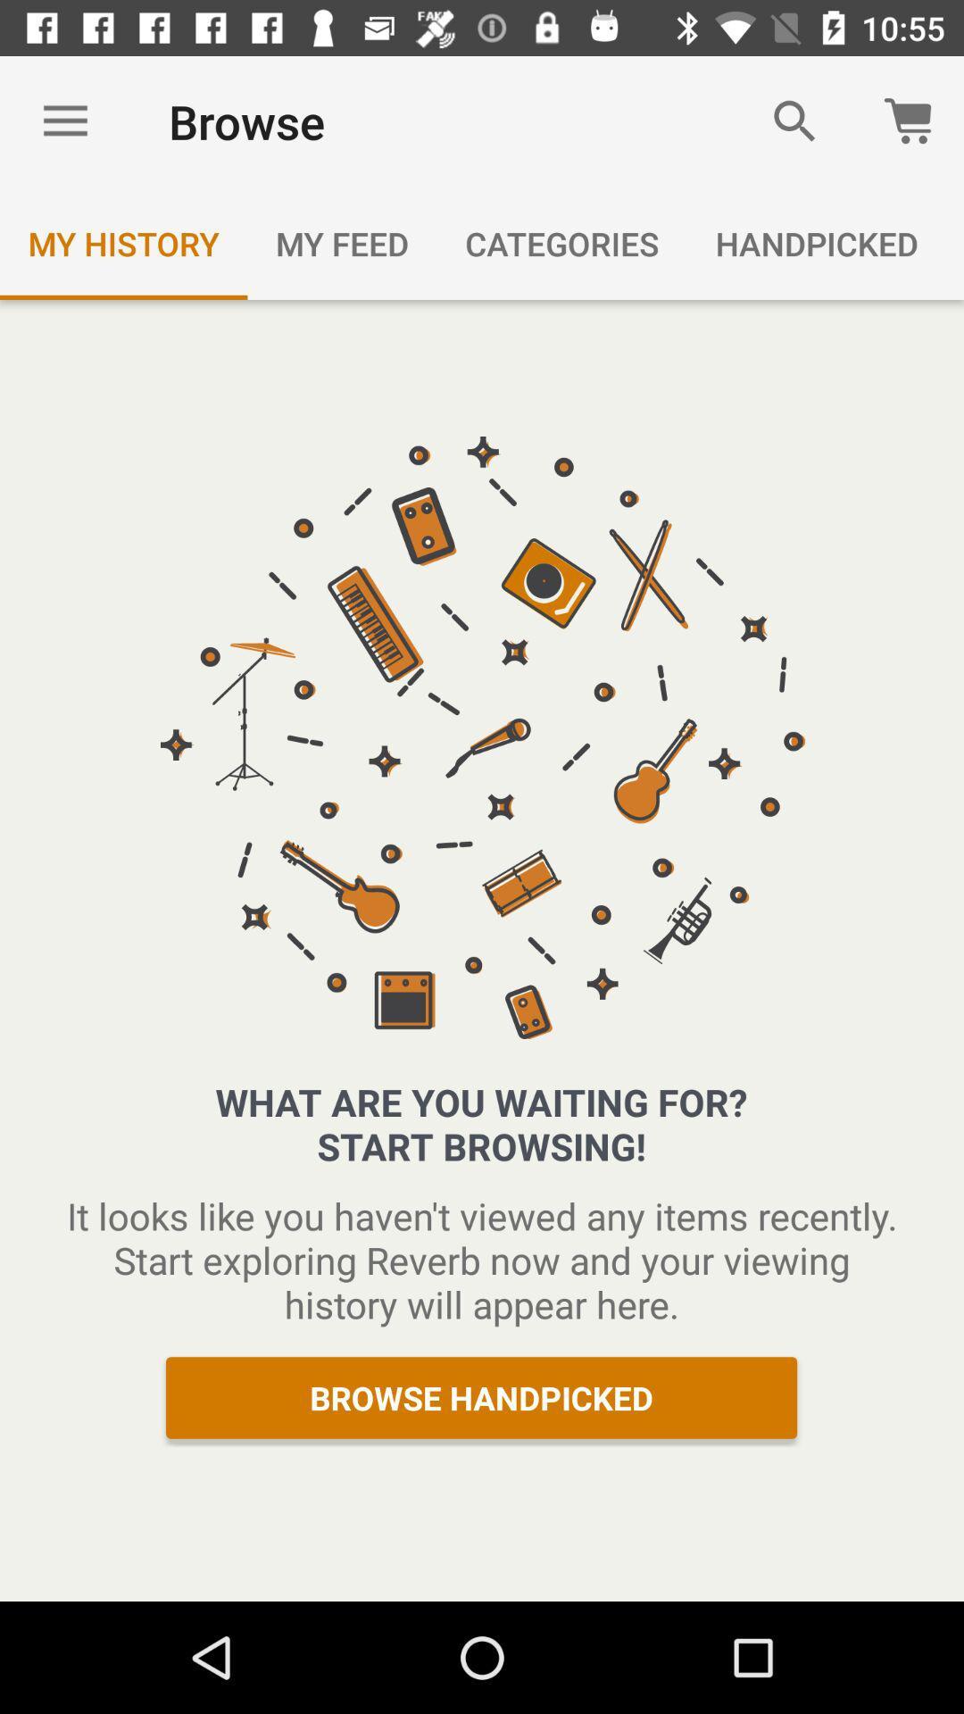 Image resolution: width=964 pixels, height=1714 pixels. Describe the element at coordinates (561, 243) in the screenshot. I see `the text categories` at that location.